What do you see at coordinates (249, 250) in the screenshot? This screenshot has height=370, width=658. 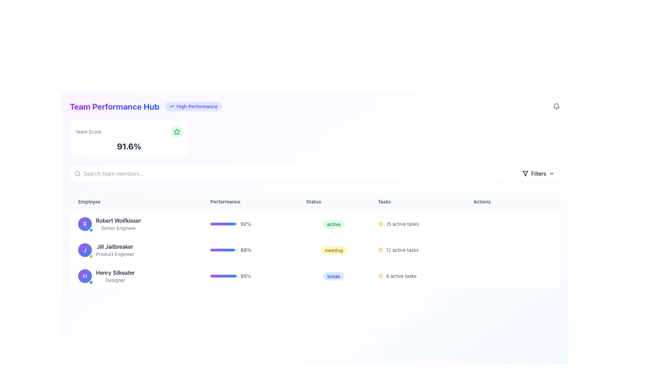 I see `the progress bar indicating '88%' representing Jill Jailbreaker's performance score, which is styled with a gradient from purple to blue and is located in the second row under the 'Performance' column` at bounding box center [249, 250].